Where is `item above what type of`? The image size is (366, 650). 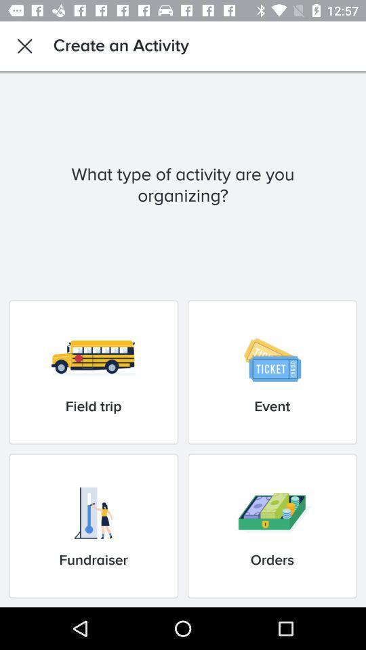
item above what type of is located at coordinates (24, 46).